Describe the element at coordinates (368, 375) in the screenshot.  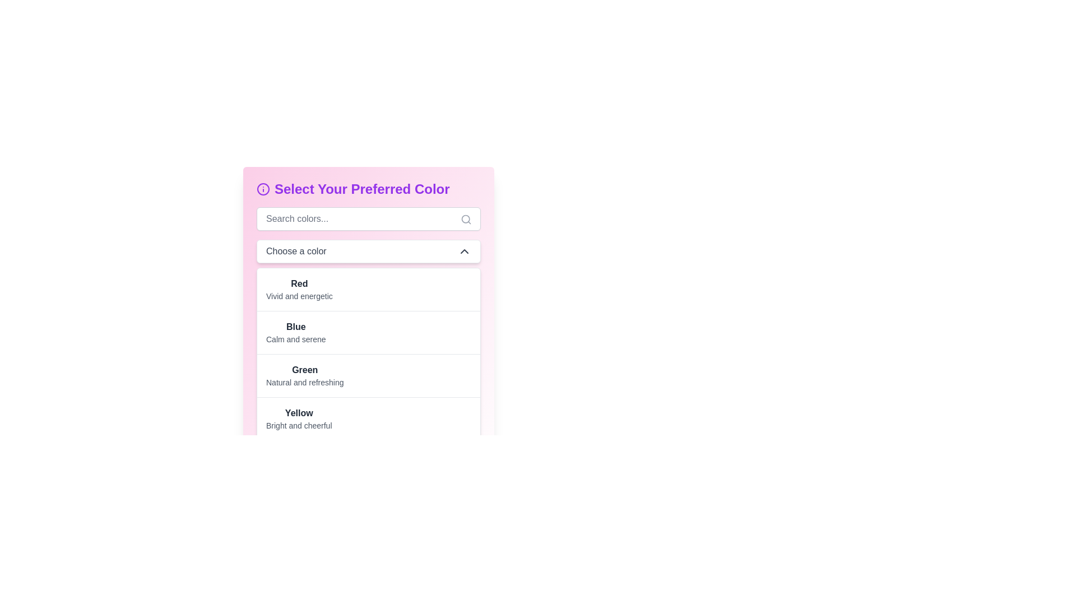
I see `the third list item representing the 'Green' theme in the color picker menu, which is located between 'Blue' and 'Yellow'` at that location.